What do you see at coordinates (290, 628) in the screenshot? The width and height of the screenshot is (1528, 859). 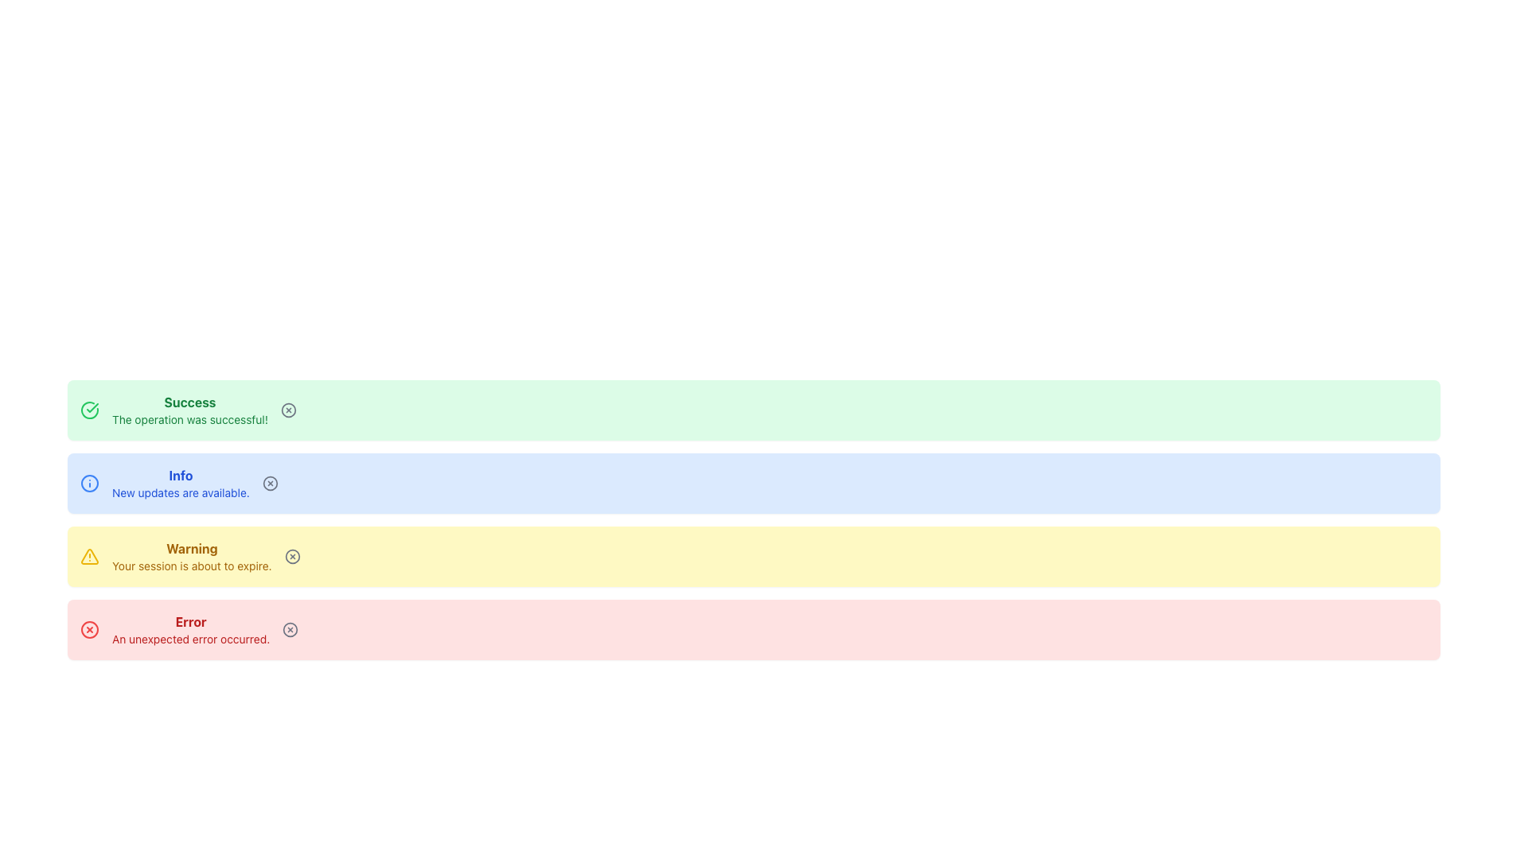 I see `the primary circle component within the error message icon, which serves as a graphical representation in an SVG graphic` at bounding box center [290, 628].